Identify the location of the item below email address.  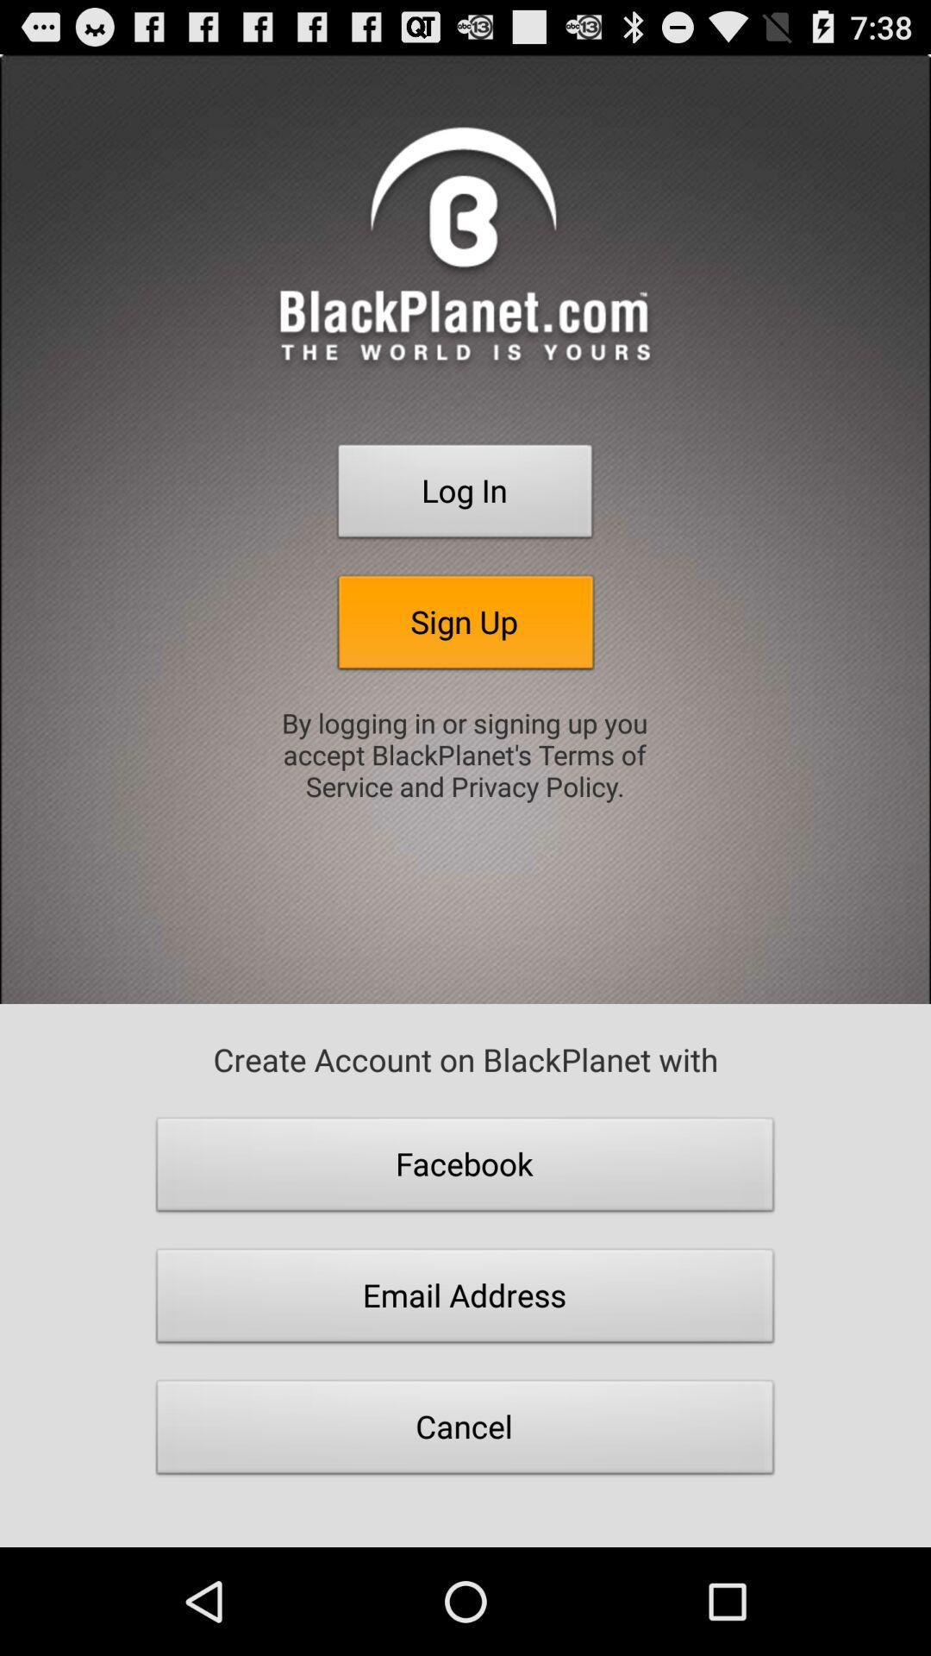
(465, 1432).